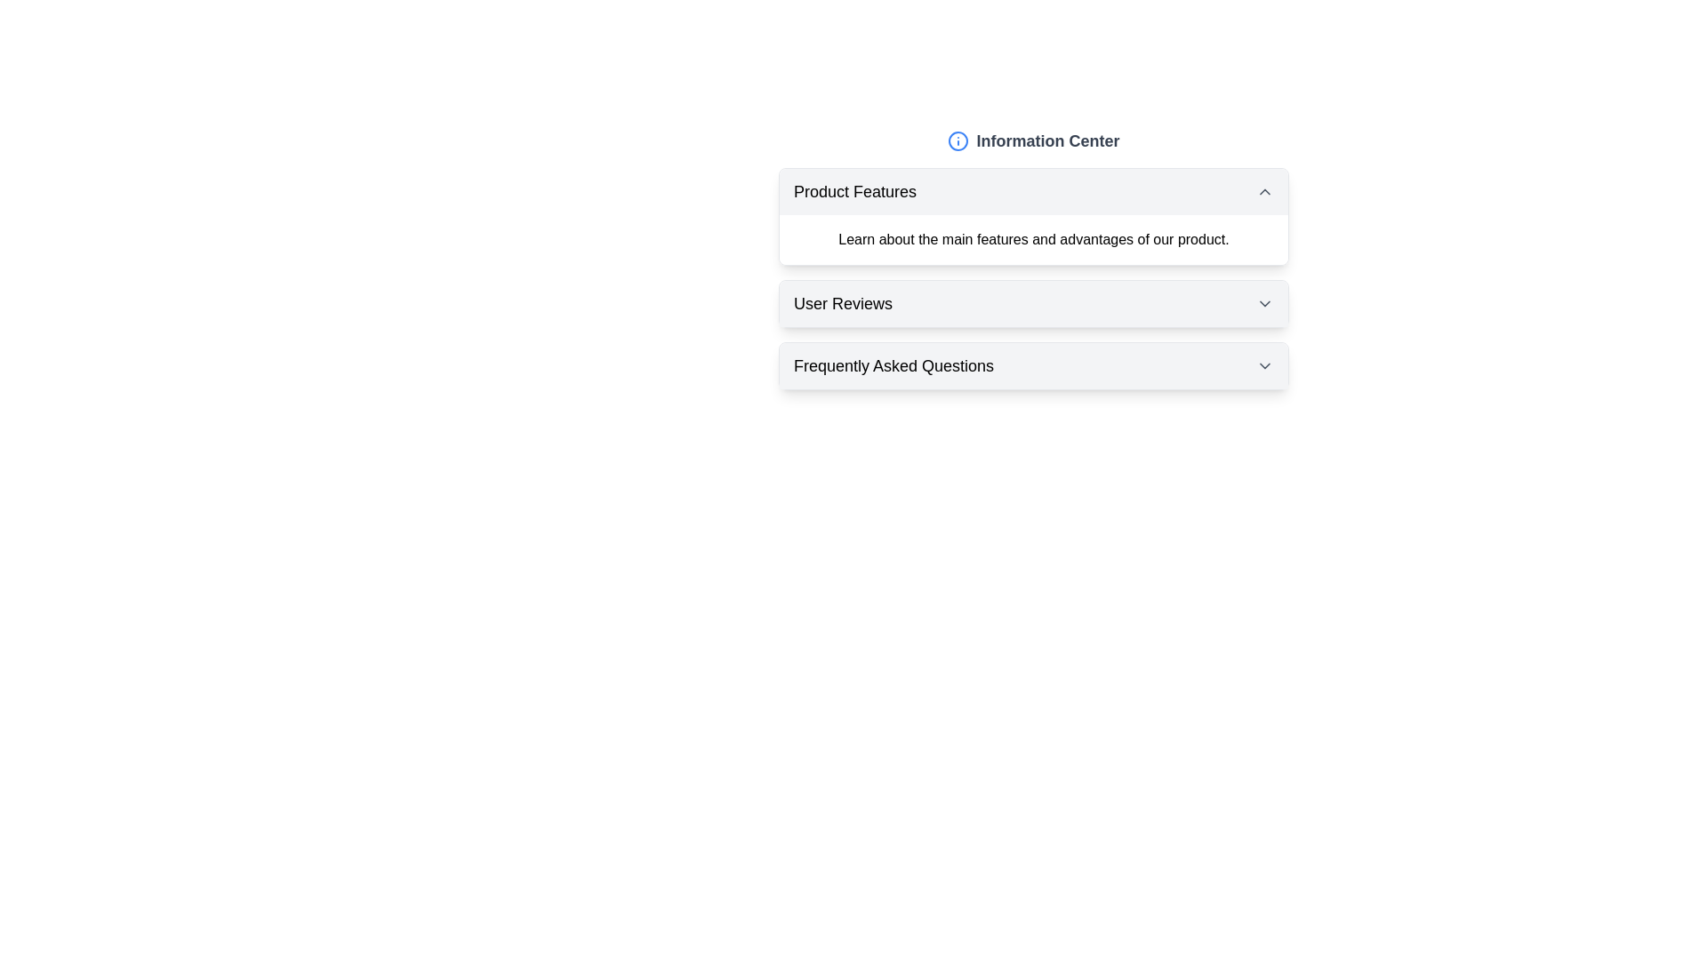 This screenshot has width=1707, height=960. Describe the element at coordinates (1033, 304) in the screenshot. I see `the collapsible headers within the Informational Section with Collapsible Panels` at that location.